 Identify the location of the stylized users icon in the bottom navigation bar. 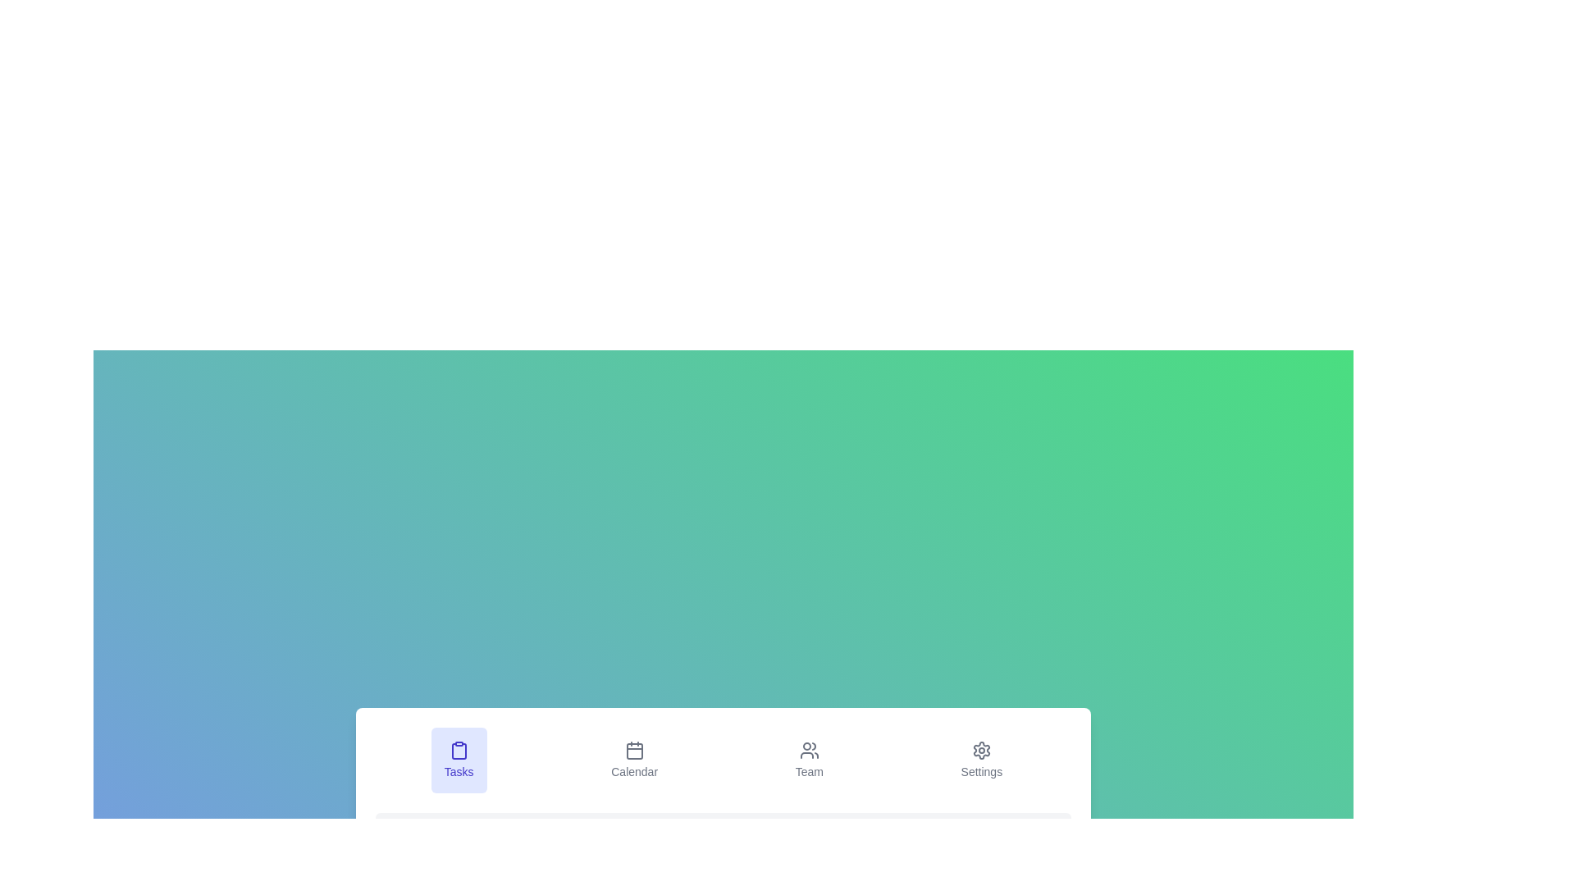
(809, 750).